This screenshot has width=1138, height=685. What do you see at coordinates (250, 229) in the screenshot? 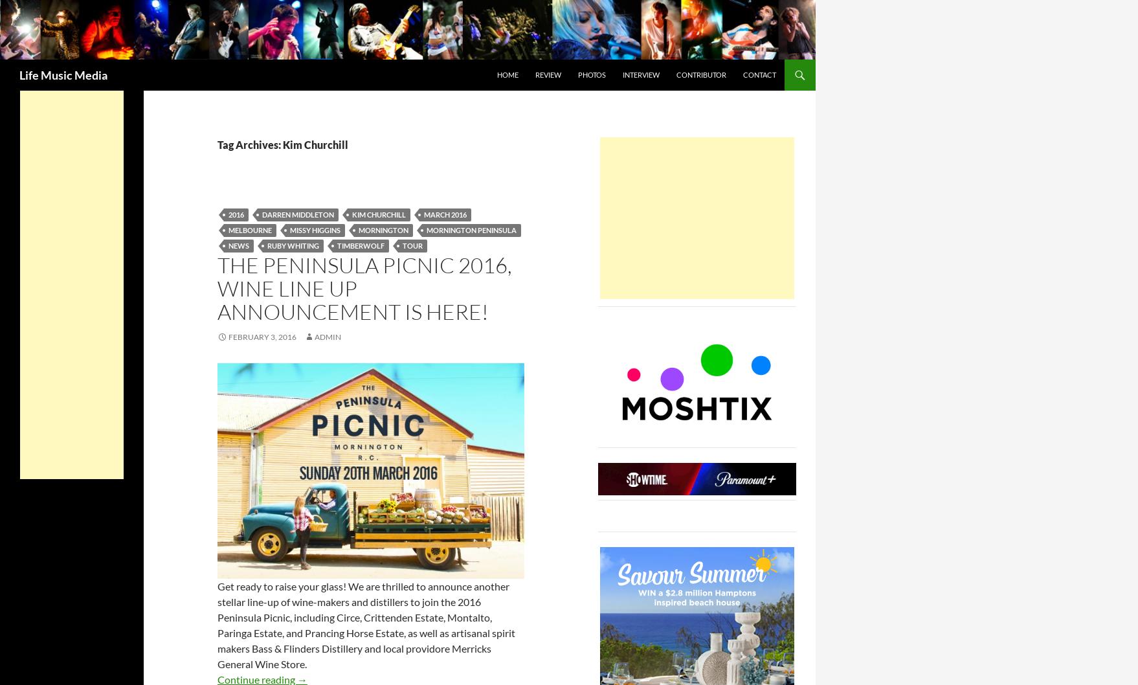
I see `'Melbourne'` at bounding box center [250, 229].